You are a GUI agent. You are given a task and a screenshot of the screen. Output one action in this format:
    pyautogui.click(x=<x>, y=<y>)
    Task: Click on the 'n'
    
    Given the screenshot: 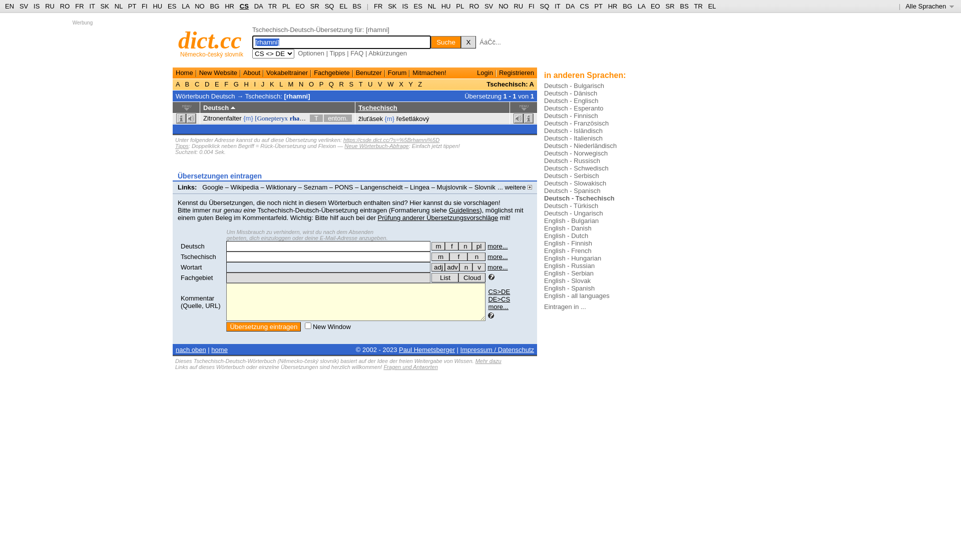 What is the action you would take?
    pyautogui.click(x=475, y=256)
    